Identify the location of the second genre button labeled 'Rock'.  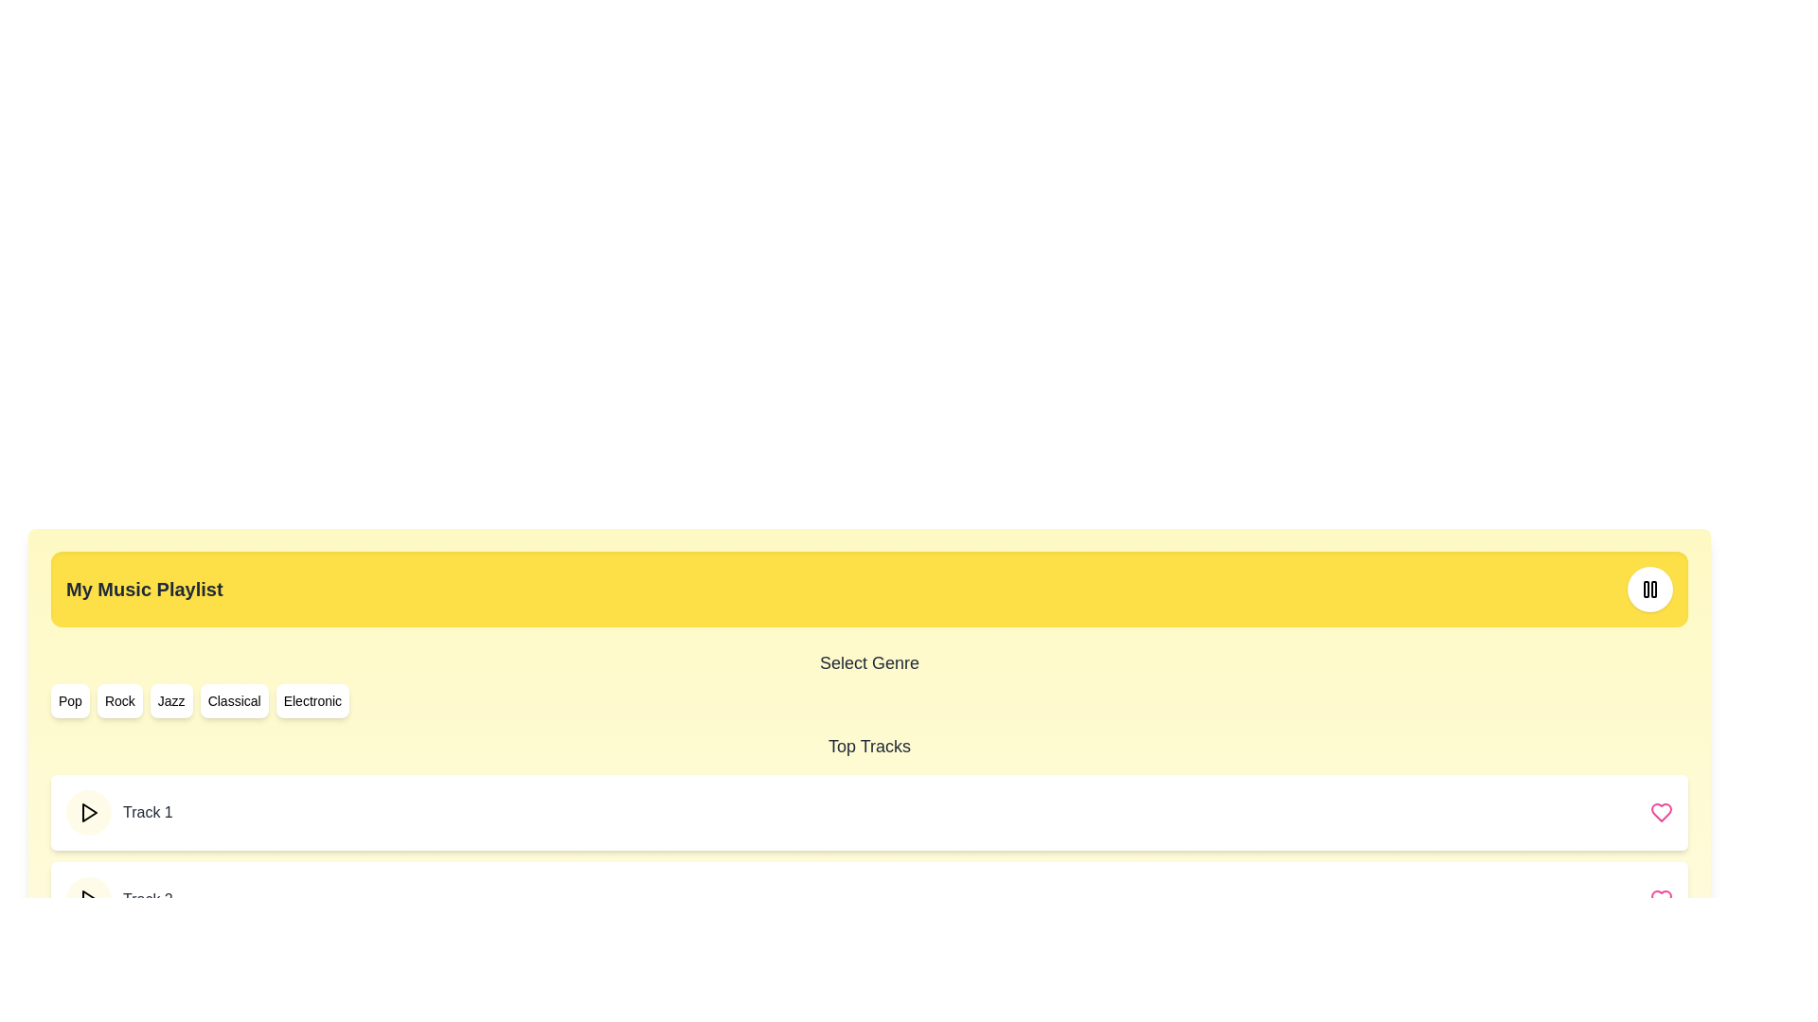
(118, 700).